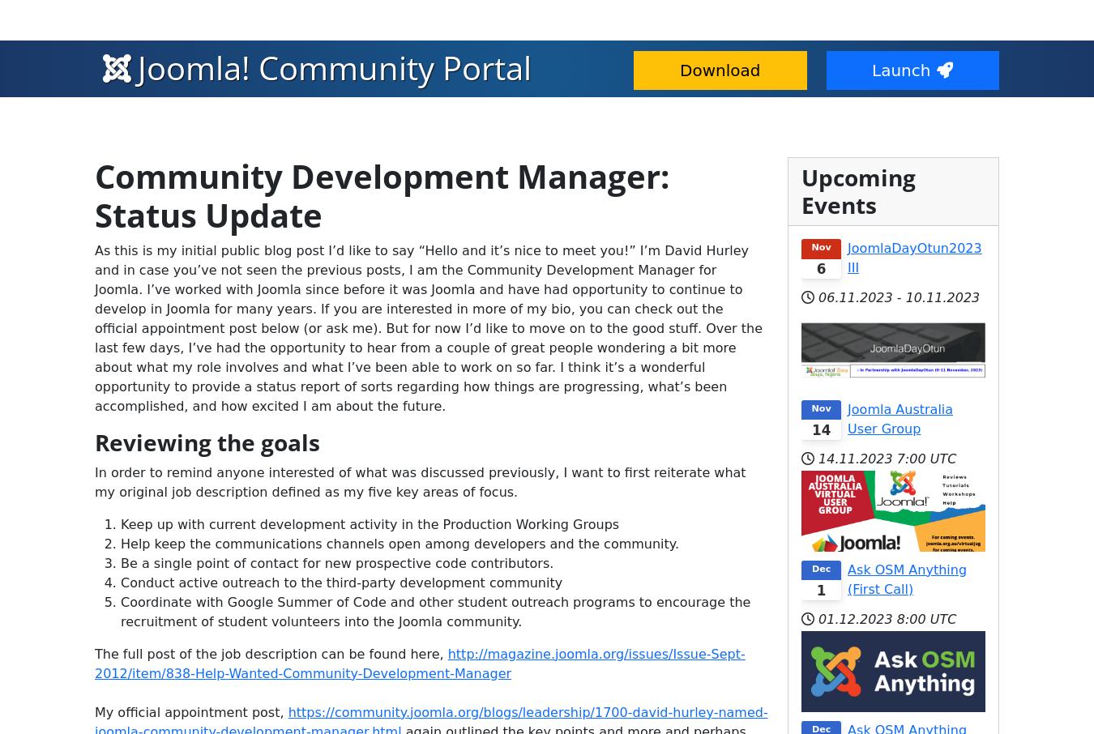 This screenshot has width=1094, height=734. What do you see at coordinates (182, 57) in the screenshot?
I see `'Blogs'` at bounding box center [182, 57].